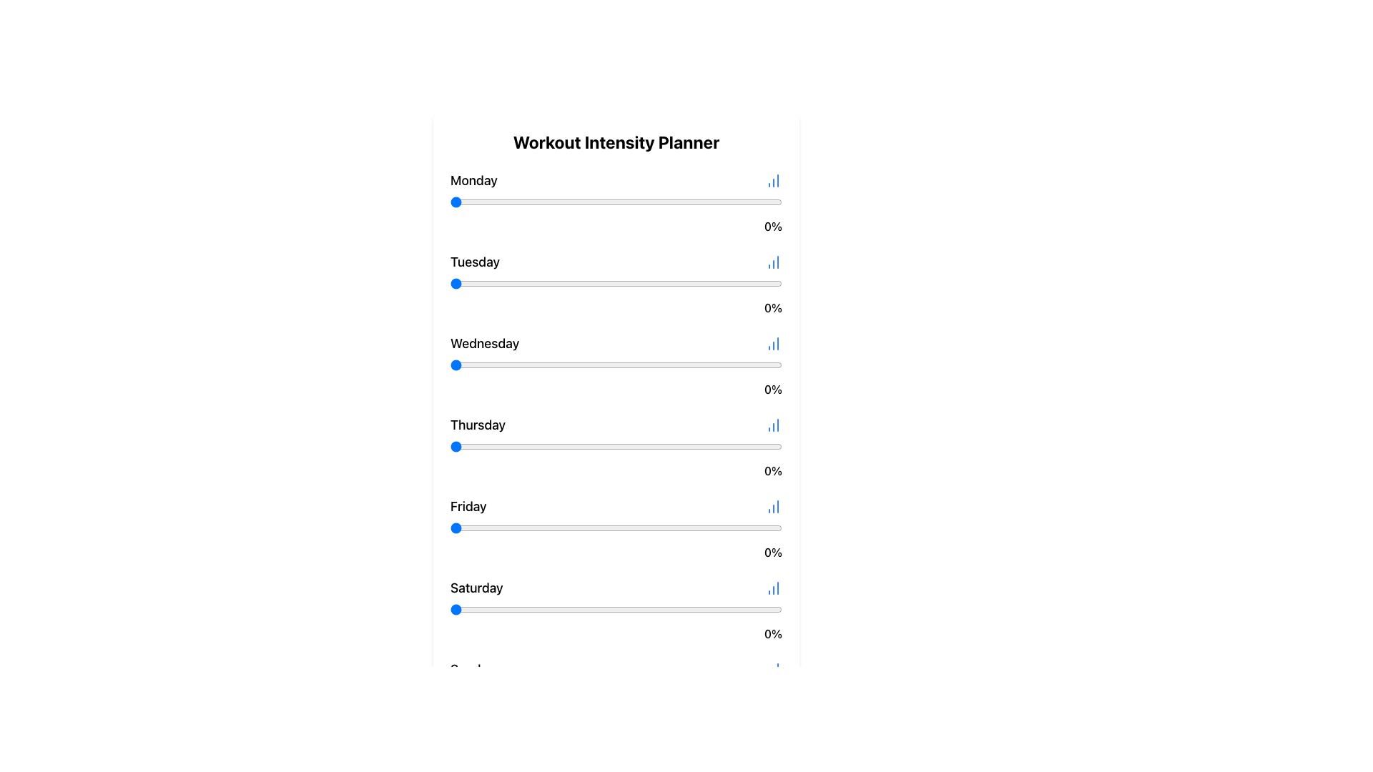  What do you see at coordinates (493, 445) in the screenshot?
I see `the Thursday intensity` at bounding box center [493, 445].